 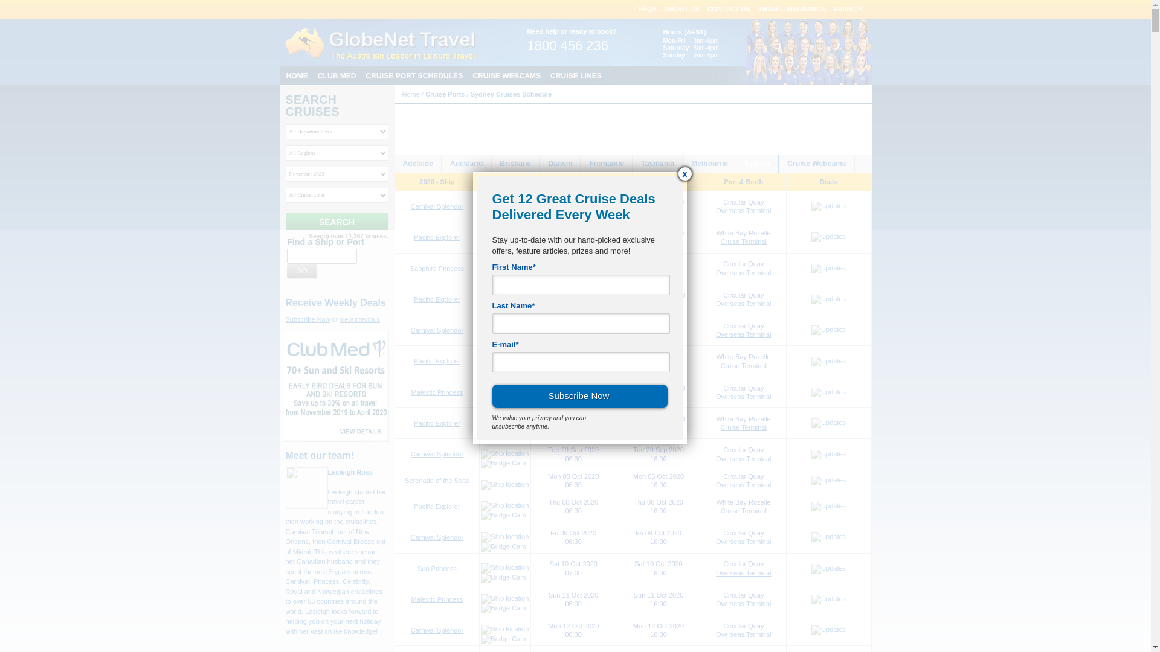 What do you see at coordinates (504, 568) in the screenshot?
I see `'Ship location'` at bounding box center [504, 568].